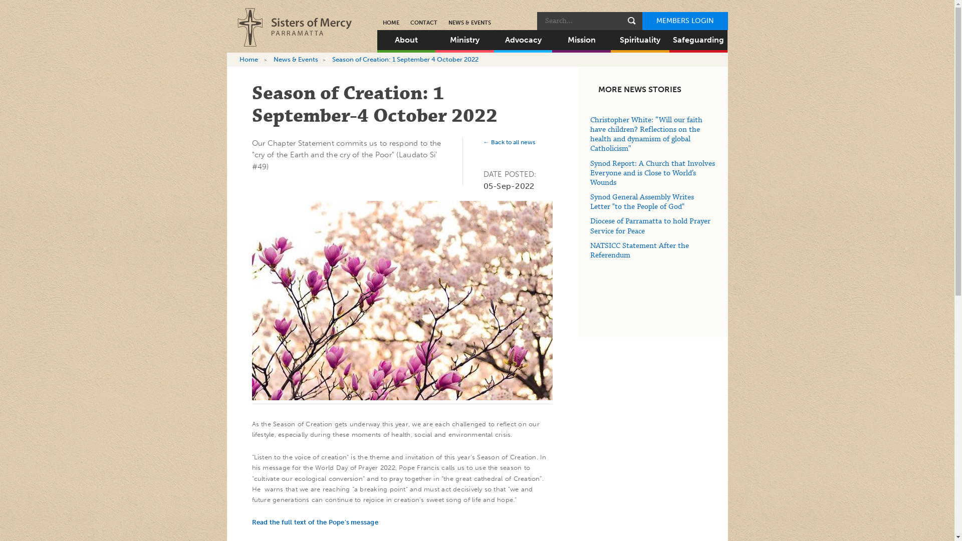  What do you see at coordinates (639, 250) in the screenshot?
I see `'NATSICC Statement After the Referendum'` at bounding box center [639, 250].